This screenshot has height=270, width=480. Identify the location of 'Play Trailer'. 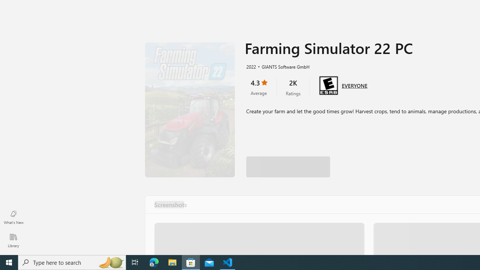
(190, 110).